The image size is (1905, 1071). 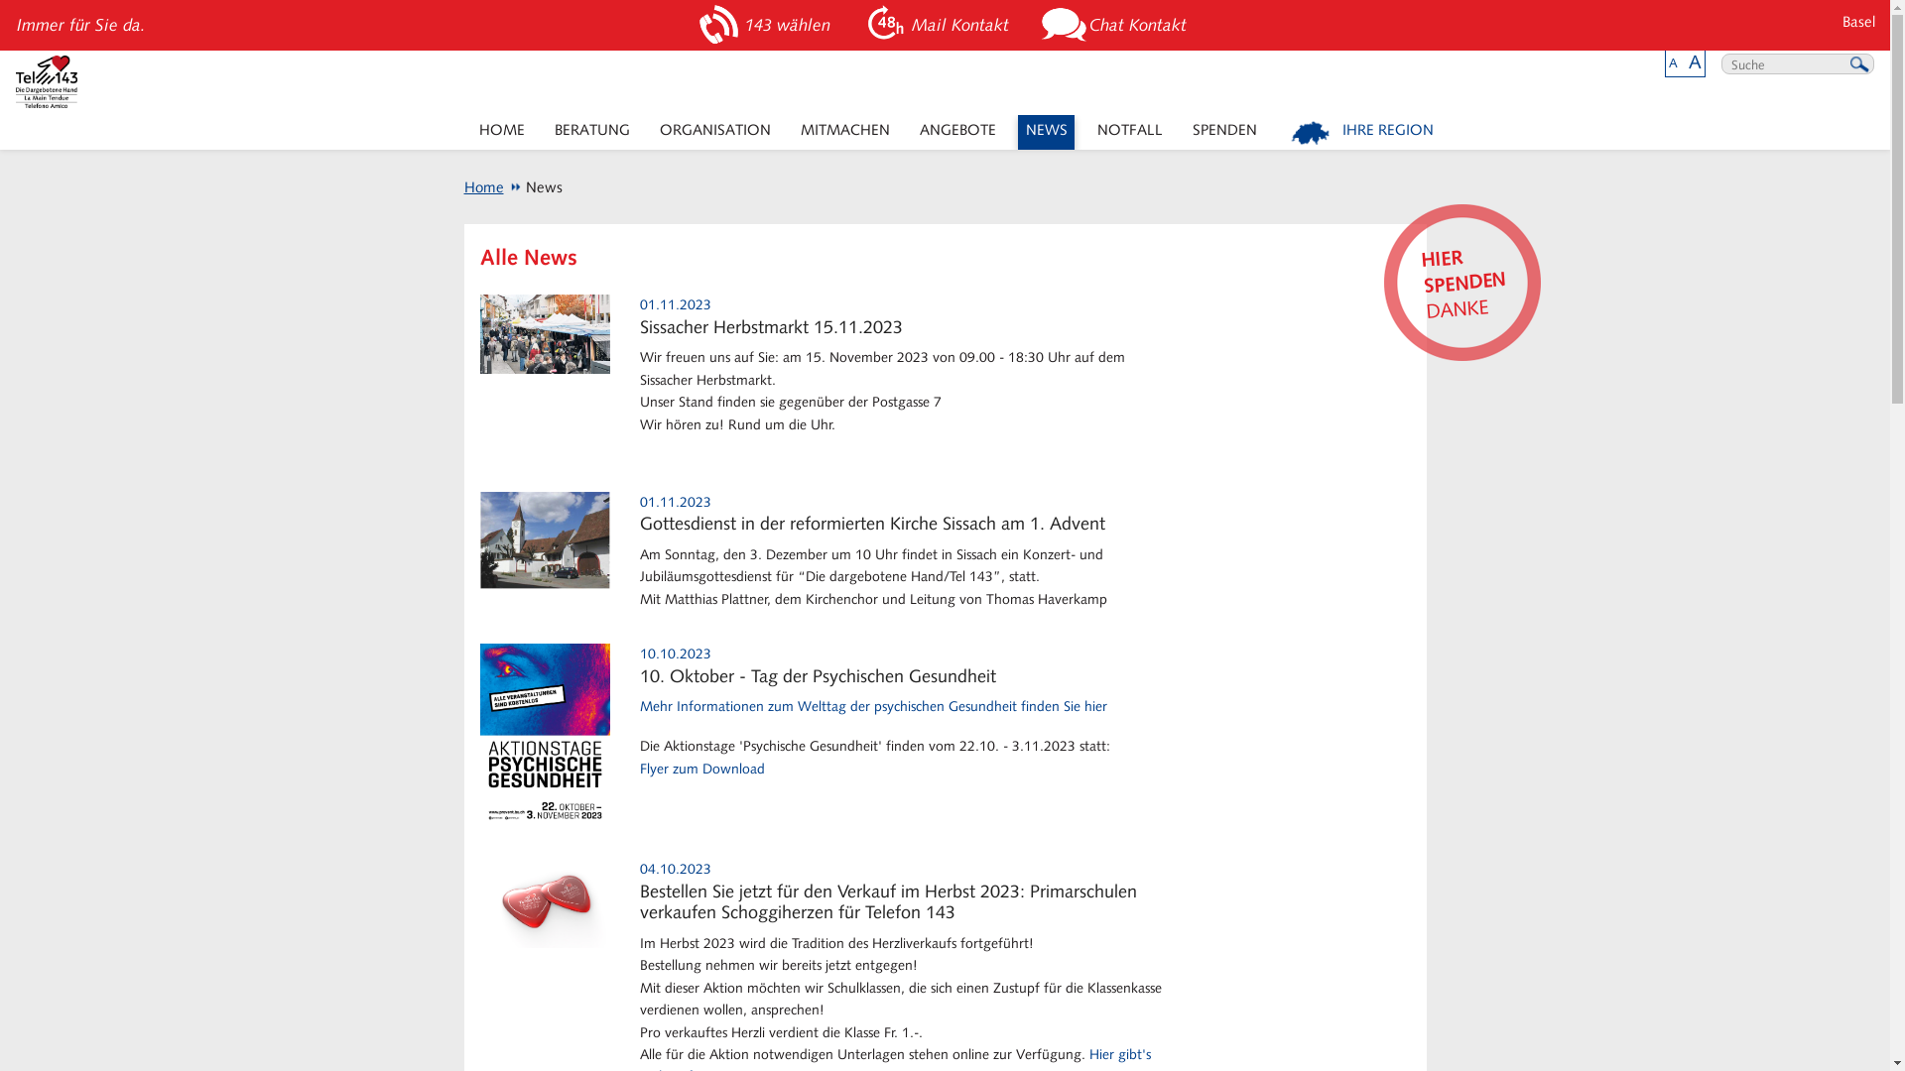 I want to click on 'HOME', so click(x=501, y=132).